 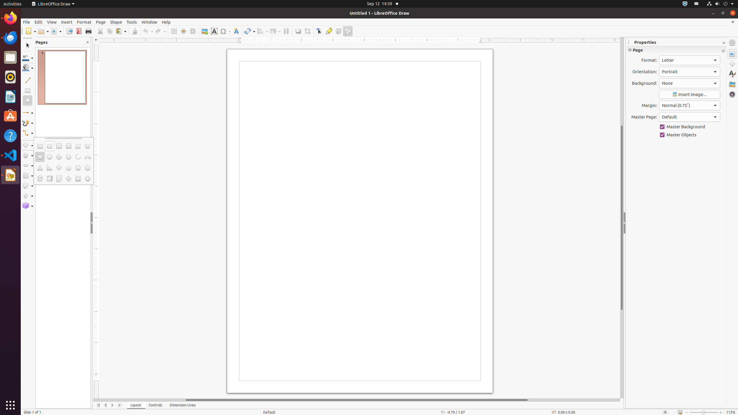 I want to click on 'Navigator', so click(x=732, y=94).